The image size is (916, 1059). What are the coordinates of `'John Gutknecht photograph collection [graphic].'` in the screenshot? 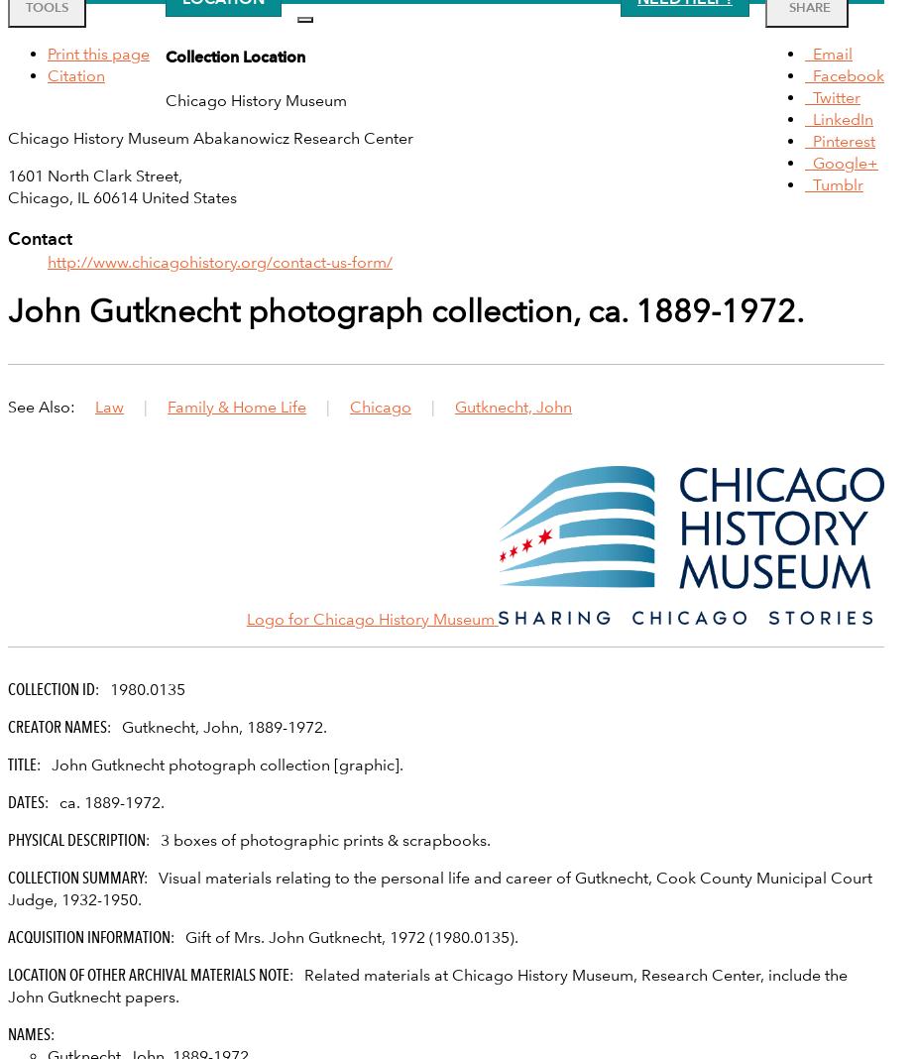 It's located at (227, 764).